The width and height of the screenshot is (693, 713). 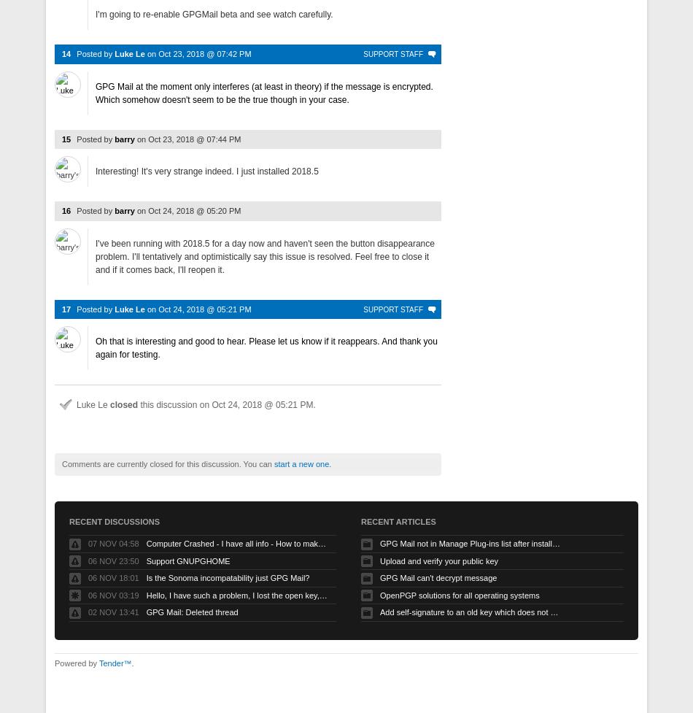 I want to click on '16', so click(x=66, y=209).